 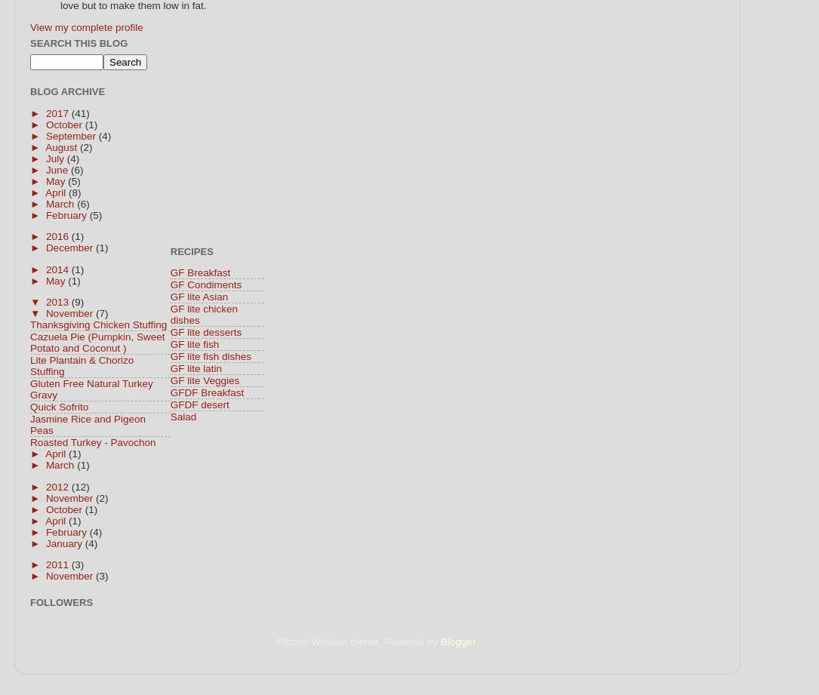 I want to click on '.', so click(x=476, y=640).